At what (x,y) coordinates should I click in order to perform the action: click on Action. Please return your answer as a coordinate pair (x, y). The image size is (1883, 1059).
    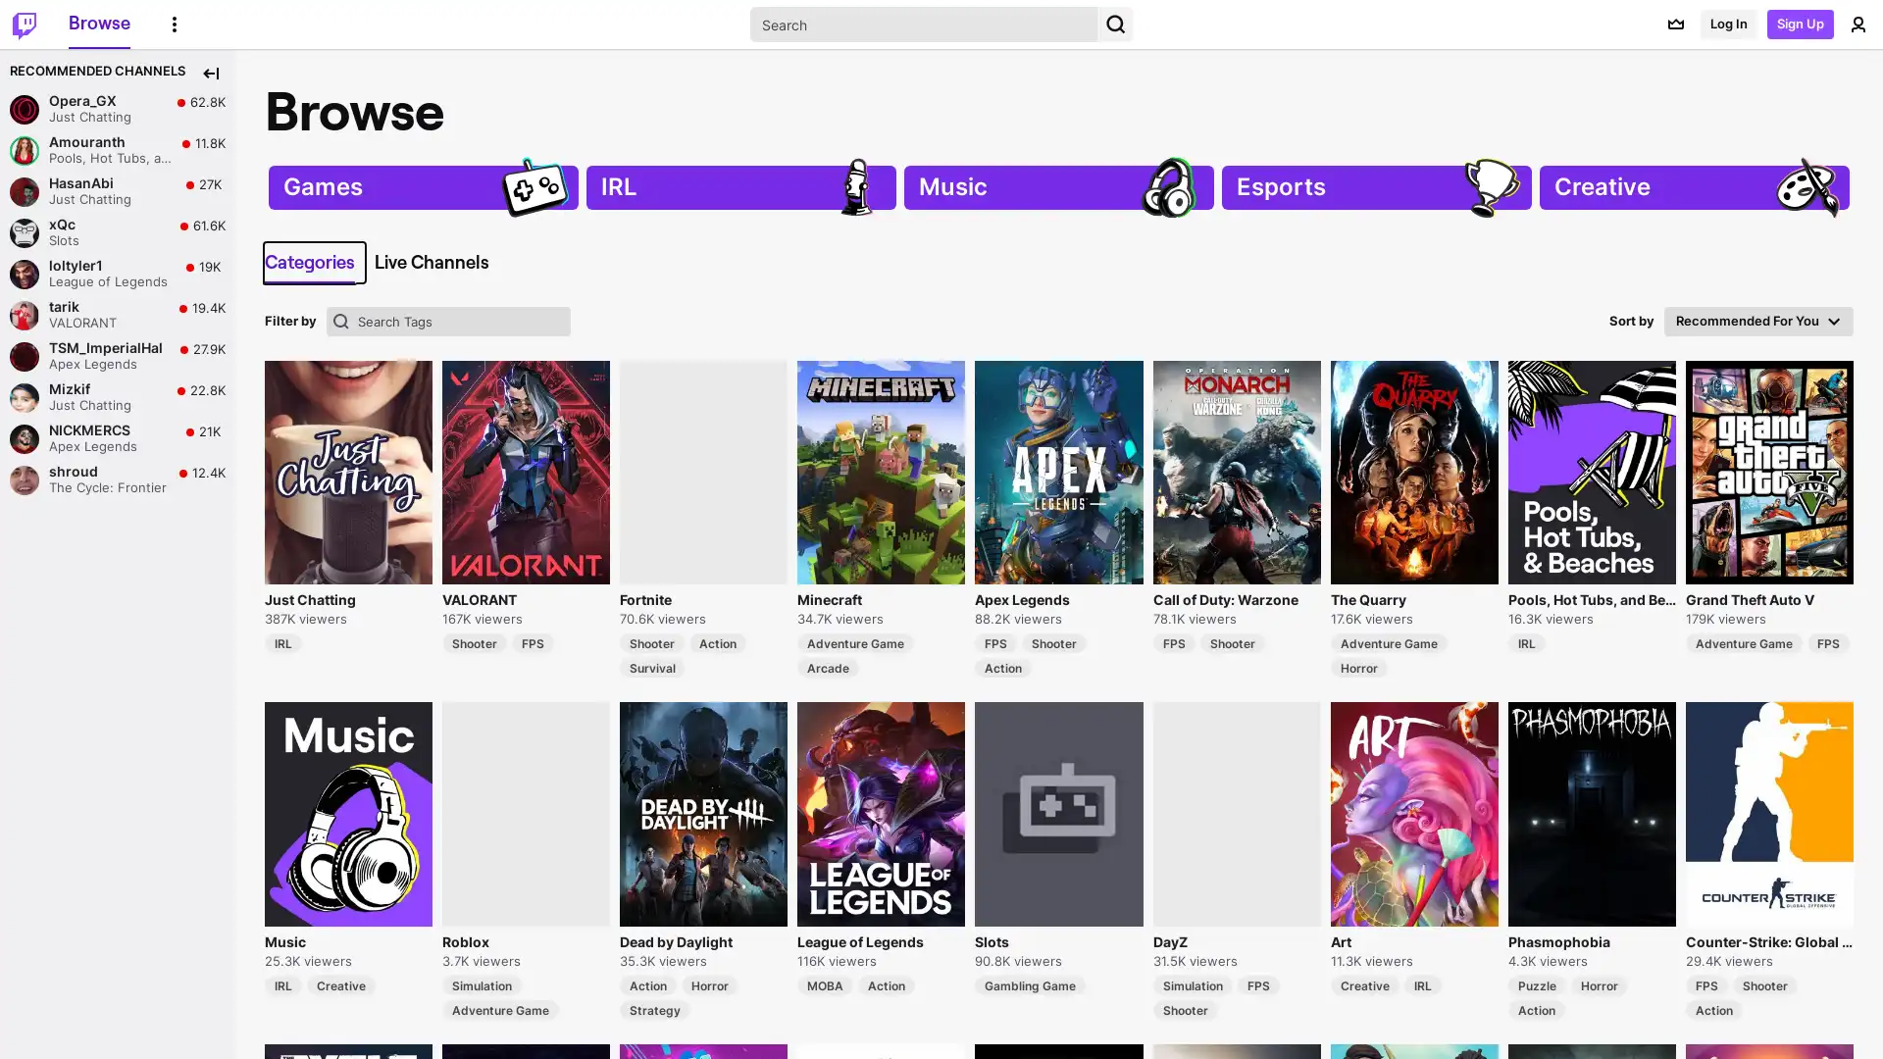
    Looking at the image, I should click on (1534, 1009).